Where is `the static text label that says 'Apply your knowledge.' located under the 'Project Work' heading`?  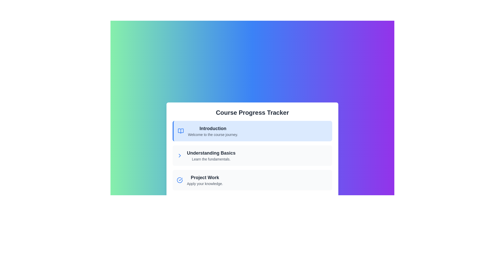 the static text label that says 'Apply your knowledge.' located under the 'Project Work' heading is located at coordinates (205, 183).